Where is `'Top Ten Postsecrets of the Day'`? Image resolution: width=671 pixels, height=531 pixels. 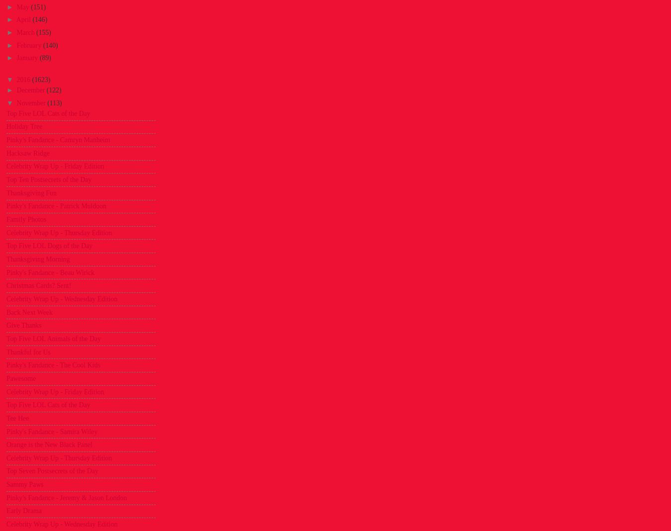 'Top Ten Postsecrets of the Day' is located at coordinates (48, 179).